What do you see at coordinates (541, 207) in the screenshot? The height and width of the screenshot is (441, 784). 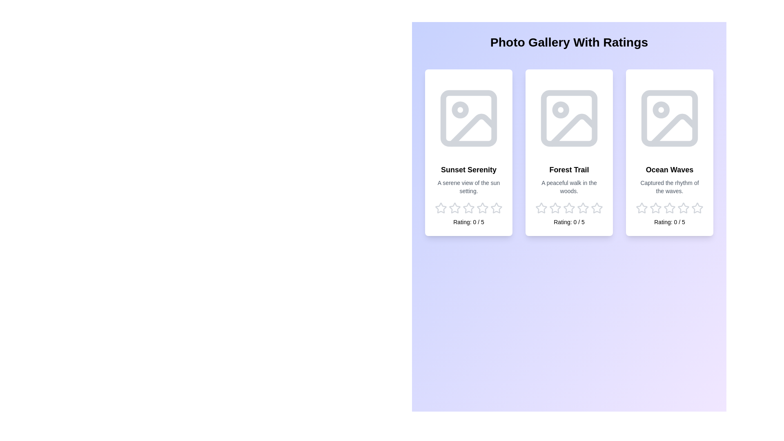 I see `the star corresponding to the rating 1 for the image Forest Trail` at bounding box center [541, 207].